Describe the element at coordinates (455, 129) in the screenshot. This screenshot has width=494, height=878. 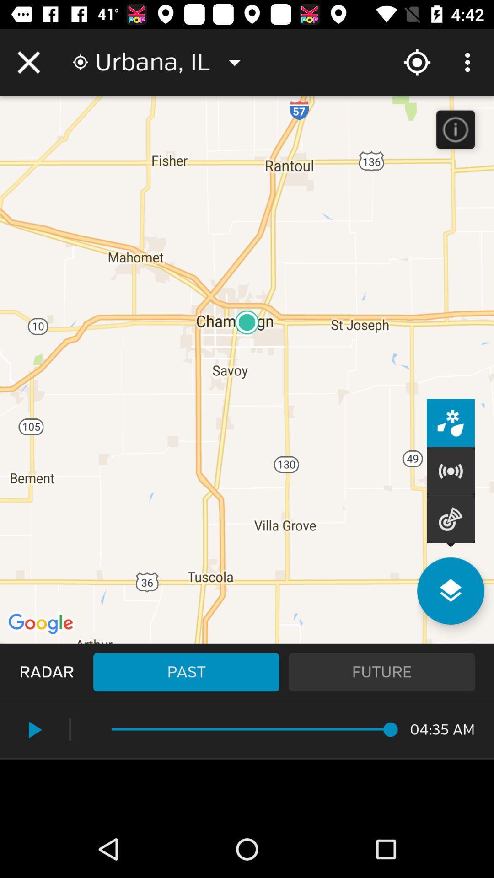
I see `the info icon` at that location.